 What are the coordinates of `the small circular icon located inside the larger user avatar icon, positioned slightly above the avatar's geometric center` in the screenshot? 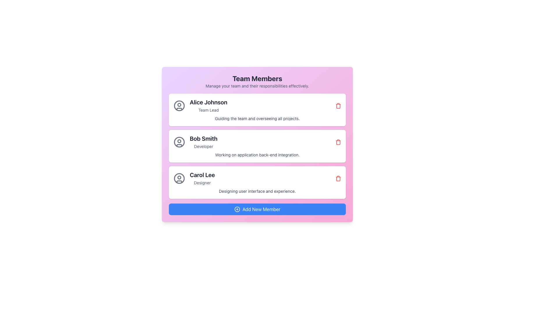 It's located at (179, 141).